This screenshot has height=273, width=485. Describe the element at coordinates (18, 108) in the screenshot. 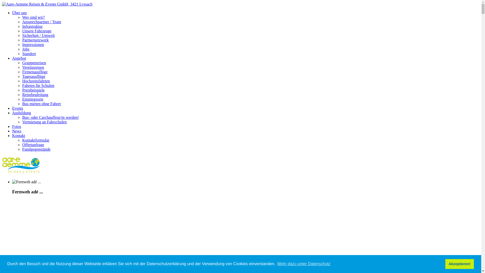

I see `'Events'` at that location.